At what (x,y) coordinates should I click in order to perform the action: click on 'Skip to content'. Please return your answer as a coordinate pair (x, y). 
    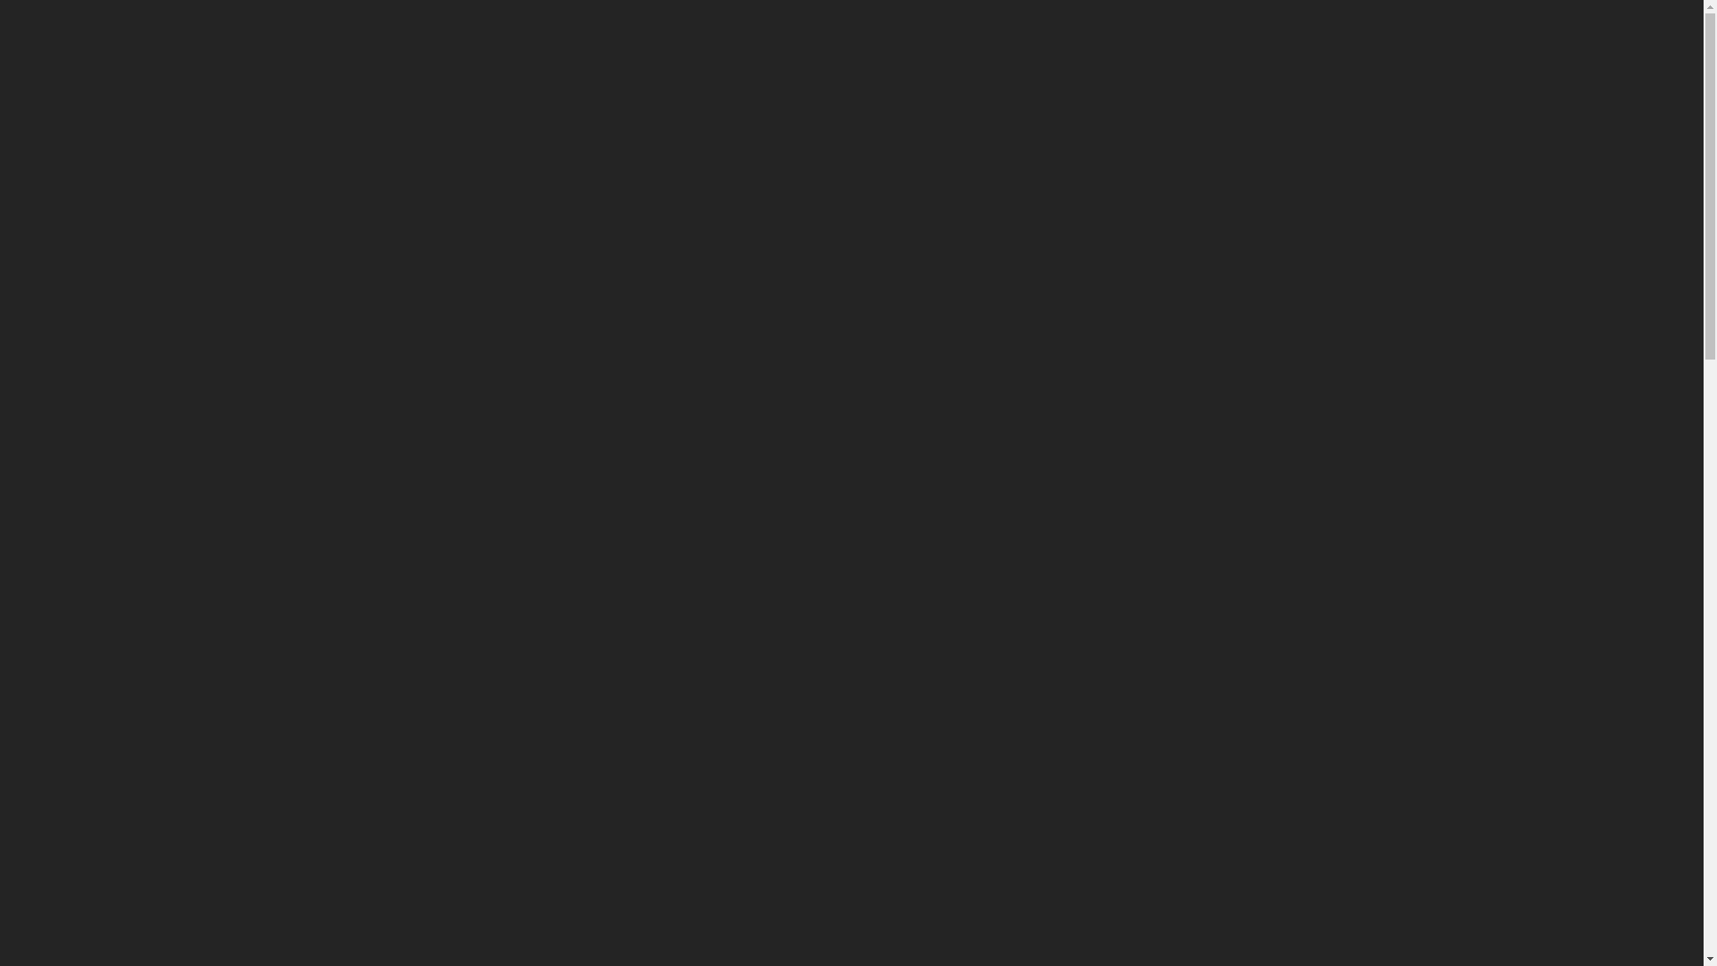
    Looking at the image, I should click on (0, 0).